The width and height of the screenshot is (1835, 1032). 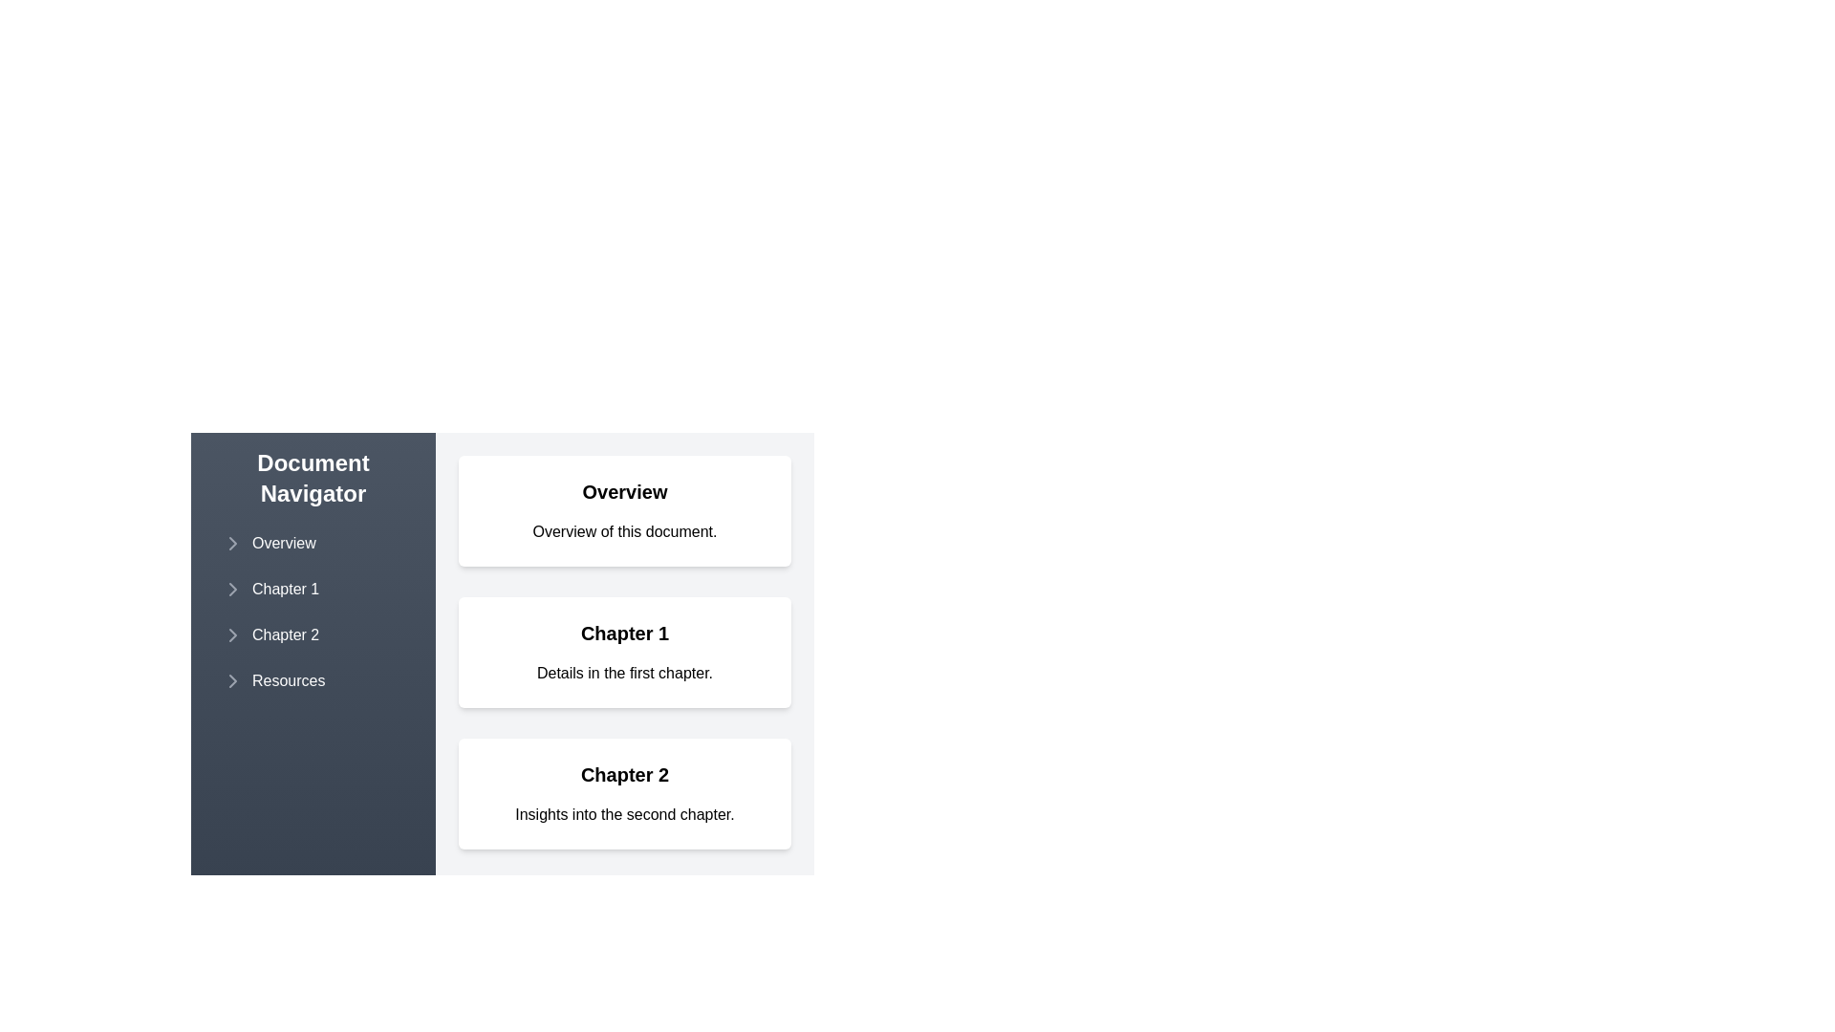 What do you see at coordinates (503, 642) in the screenshot?
I see `the informational card section that highlights the first chapter of the document, located centrally in the main content area, between the 'Overview' section and the 'Chapter 2' section` at bounding box center [503, 642].